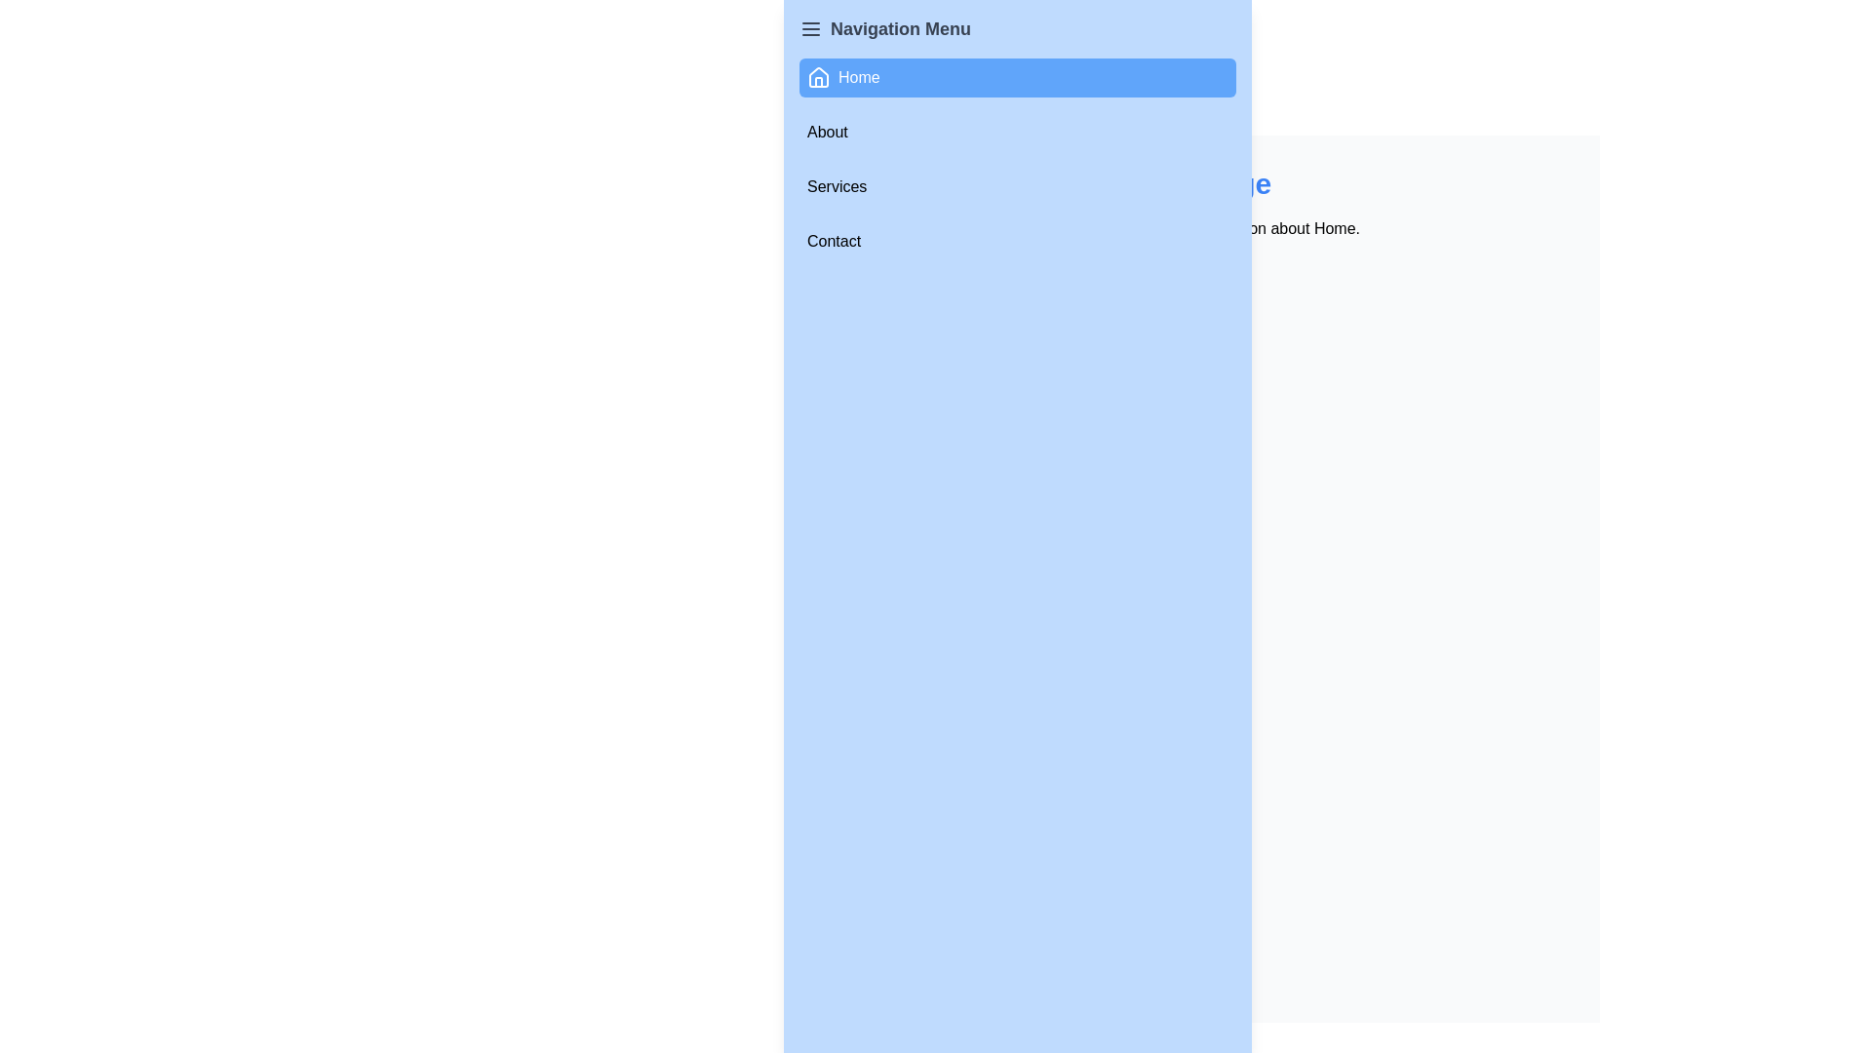  Describe the element at coordinates (1190, 184) in the screenshot. I see `the Text label that serves as the title or heading for the main content section of the page` at that location.